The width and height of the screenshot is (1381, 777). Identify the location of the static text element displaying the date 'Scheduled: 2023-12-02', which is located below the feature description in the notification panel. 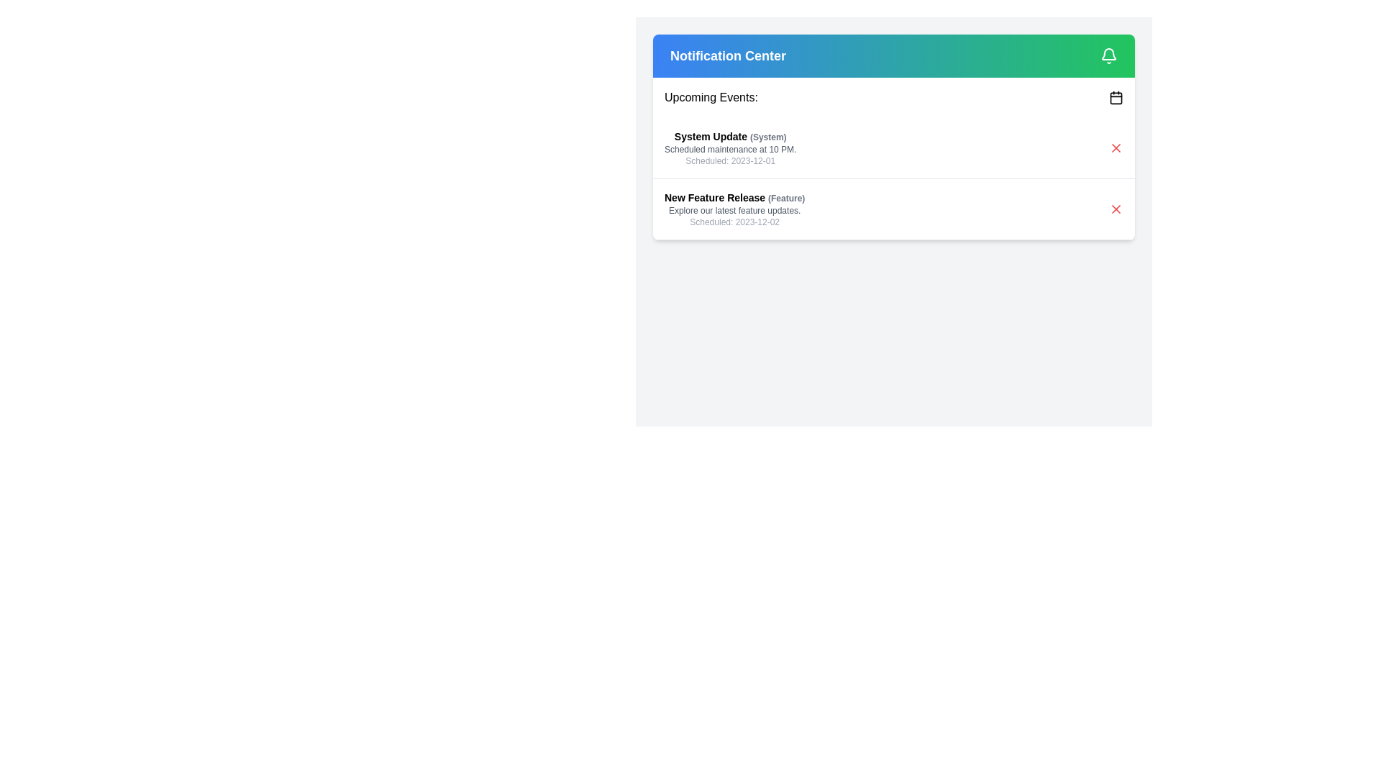
(734, 222).